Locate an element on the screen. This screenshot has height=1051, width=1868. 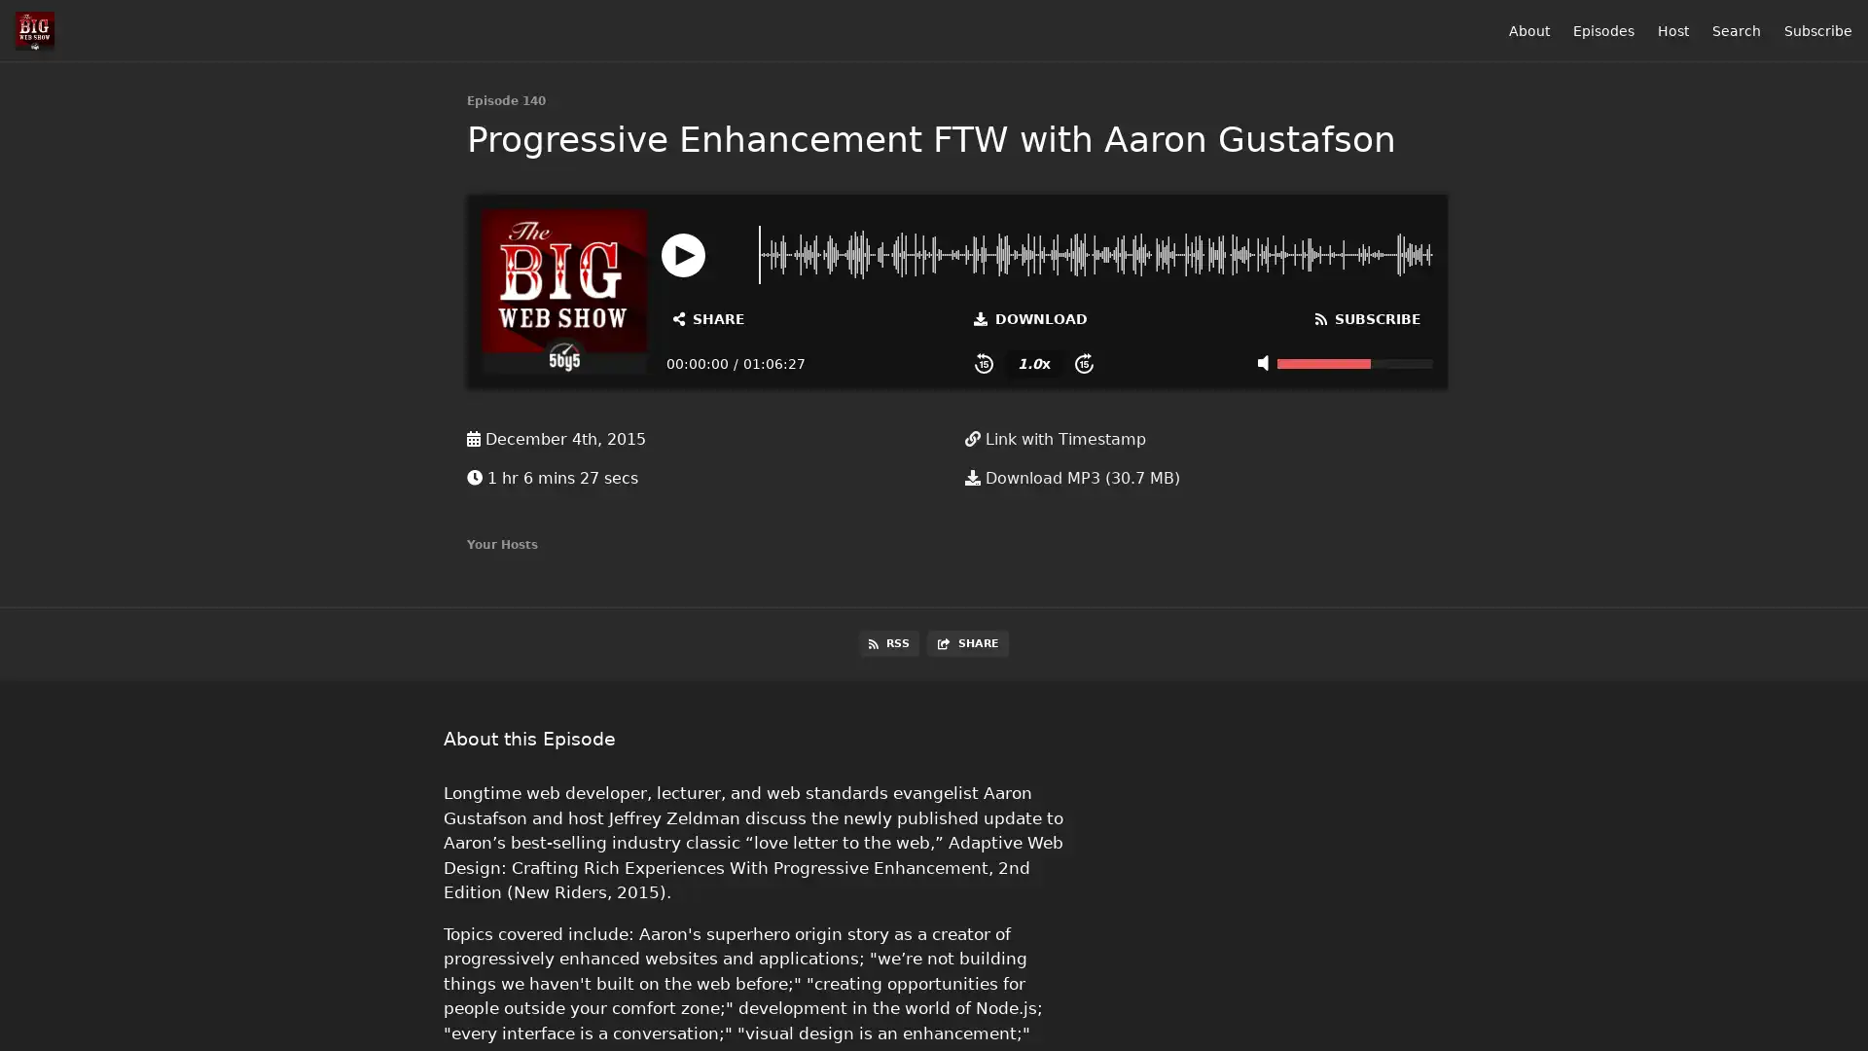
Skip Forward 15 Seconds is located at coordinates (1083, 363).